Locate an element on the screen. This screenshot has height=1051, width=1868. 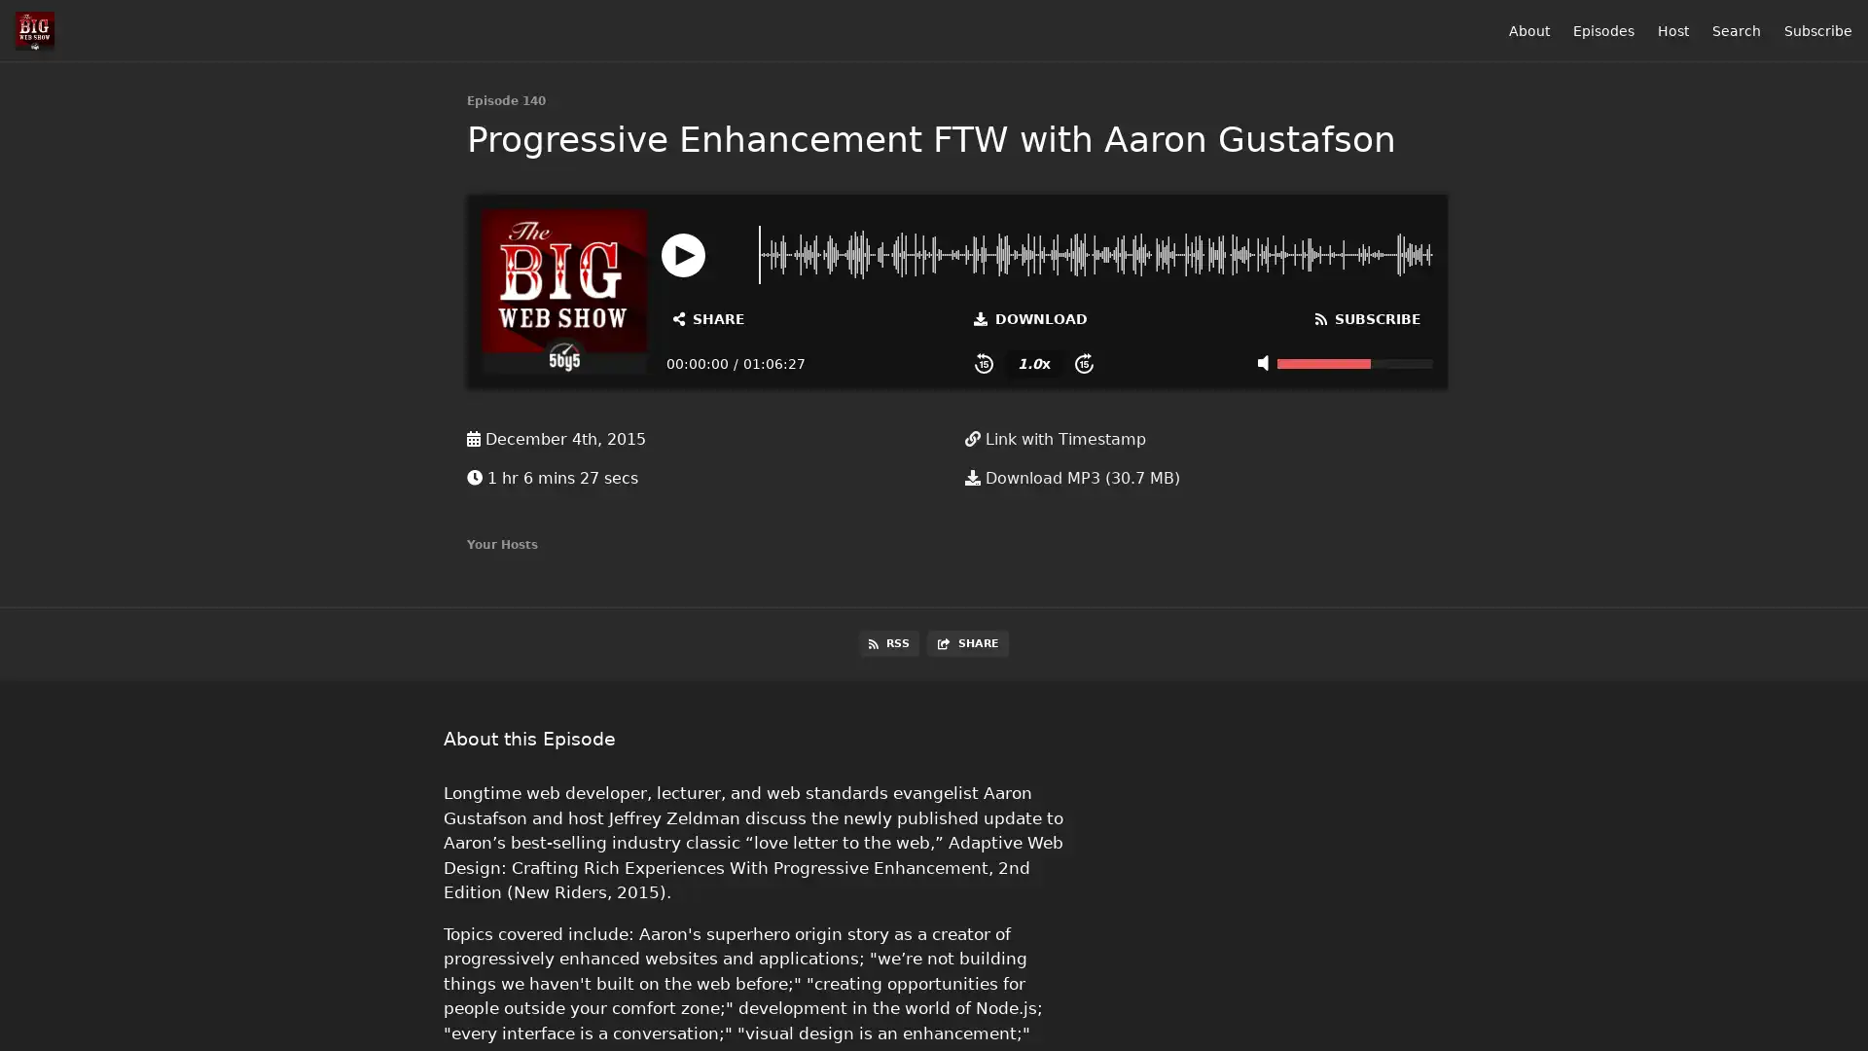
Skip Forward 15 Seconds is located at coordinates (1083, 363).